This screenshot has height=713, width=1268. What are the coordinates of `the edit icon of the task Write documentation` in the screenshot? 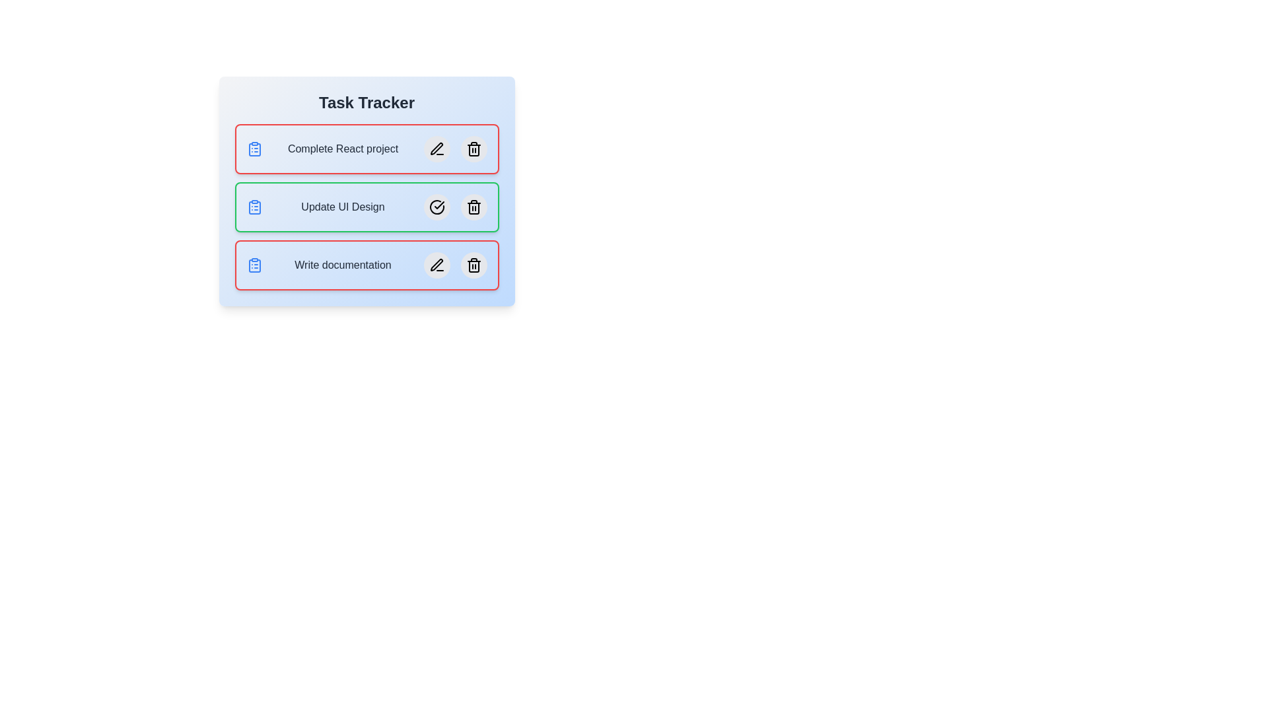 It's located at (437, 265).